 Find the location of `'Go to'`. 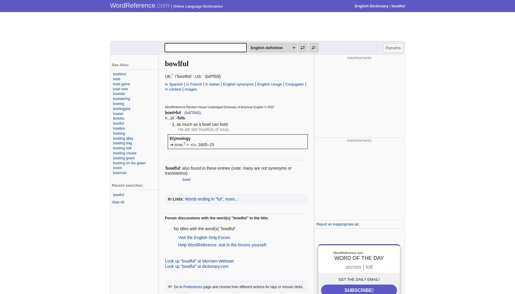

'Go to' is located at coordinates (178, 286).